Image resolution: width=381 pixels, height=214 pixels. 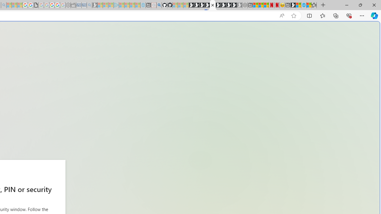 What do you see at coordinates (213, 5) in the screenshot?
I see `'Sign in to your account'` at bounding box center [213, 5].